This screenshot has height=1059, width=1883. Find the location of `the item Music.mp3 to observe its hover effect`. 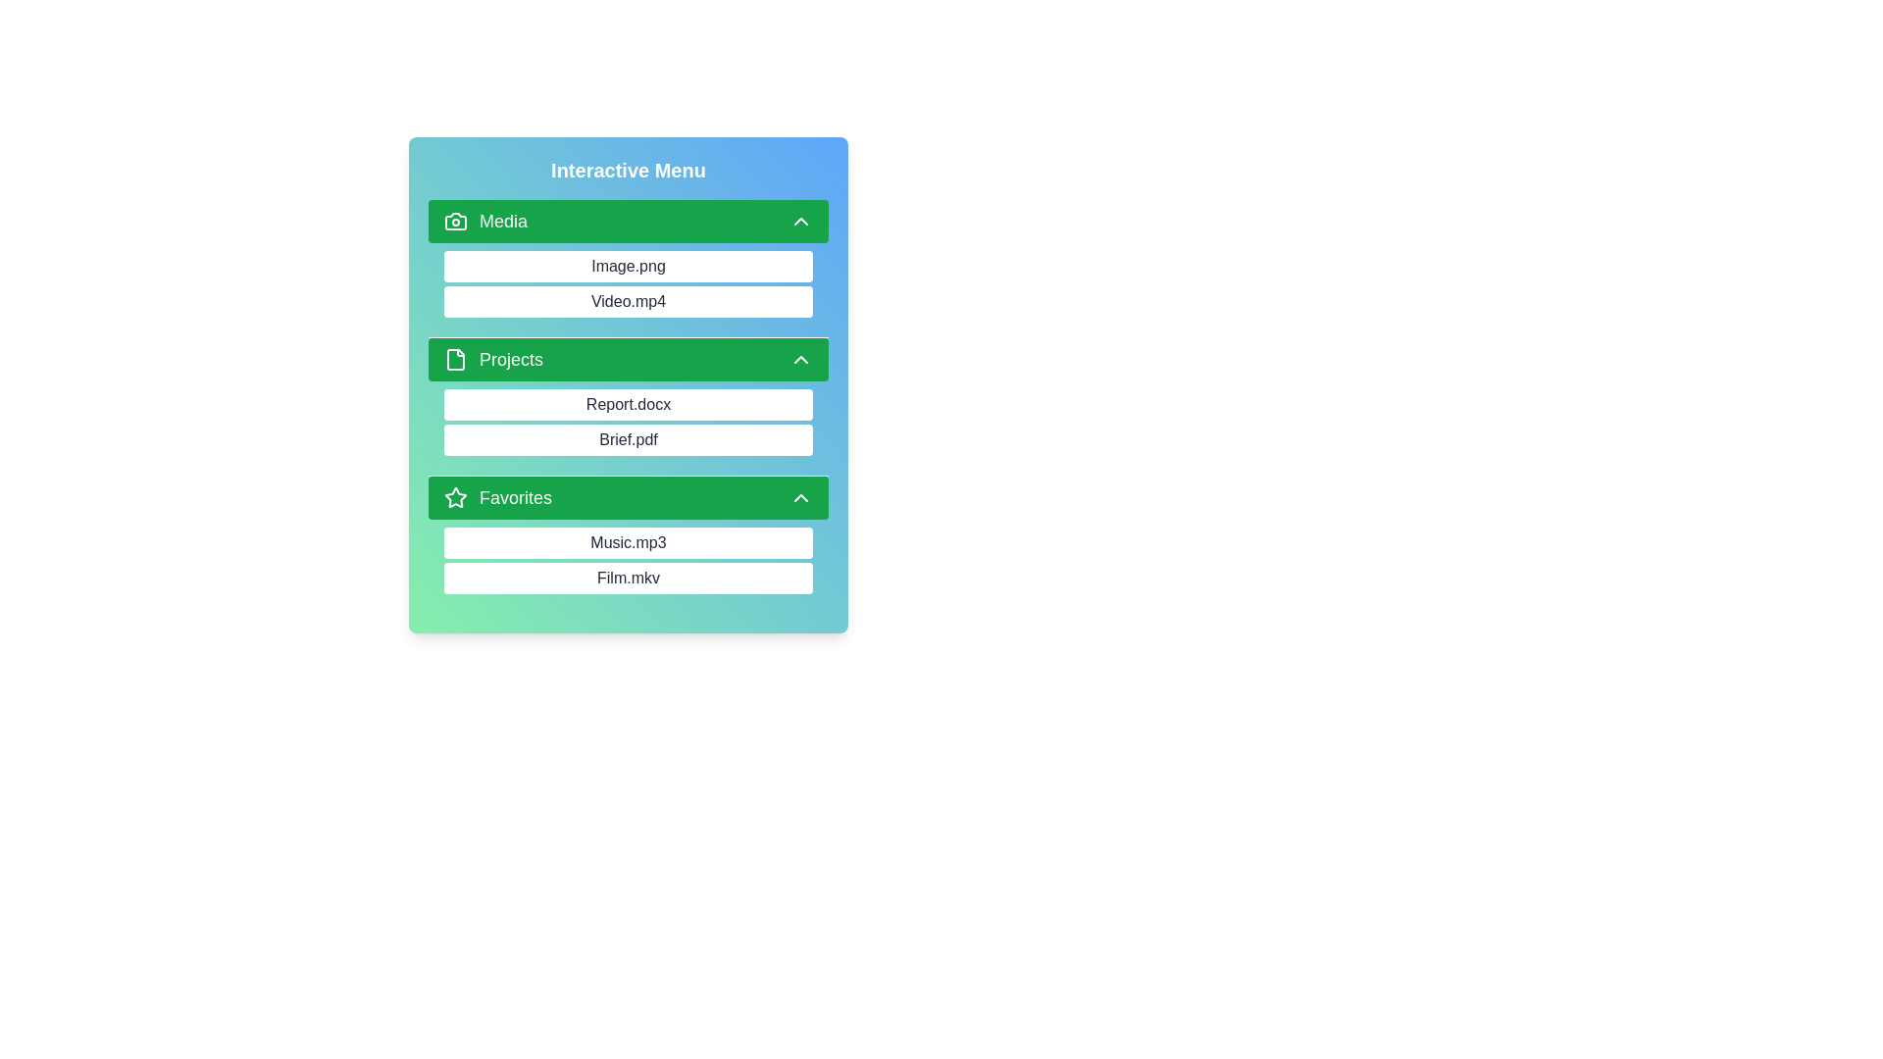

the item Music.mp3 to observe its hover effect is located at coordinates (629, 543).